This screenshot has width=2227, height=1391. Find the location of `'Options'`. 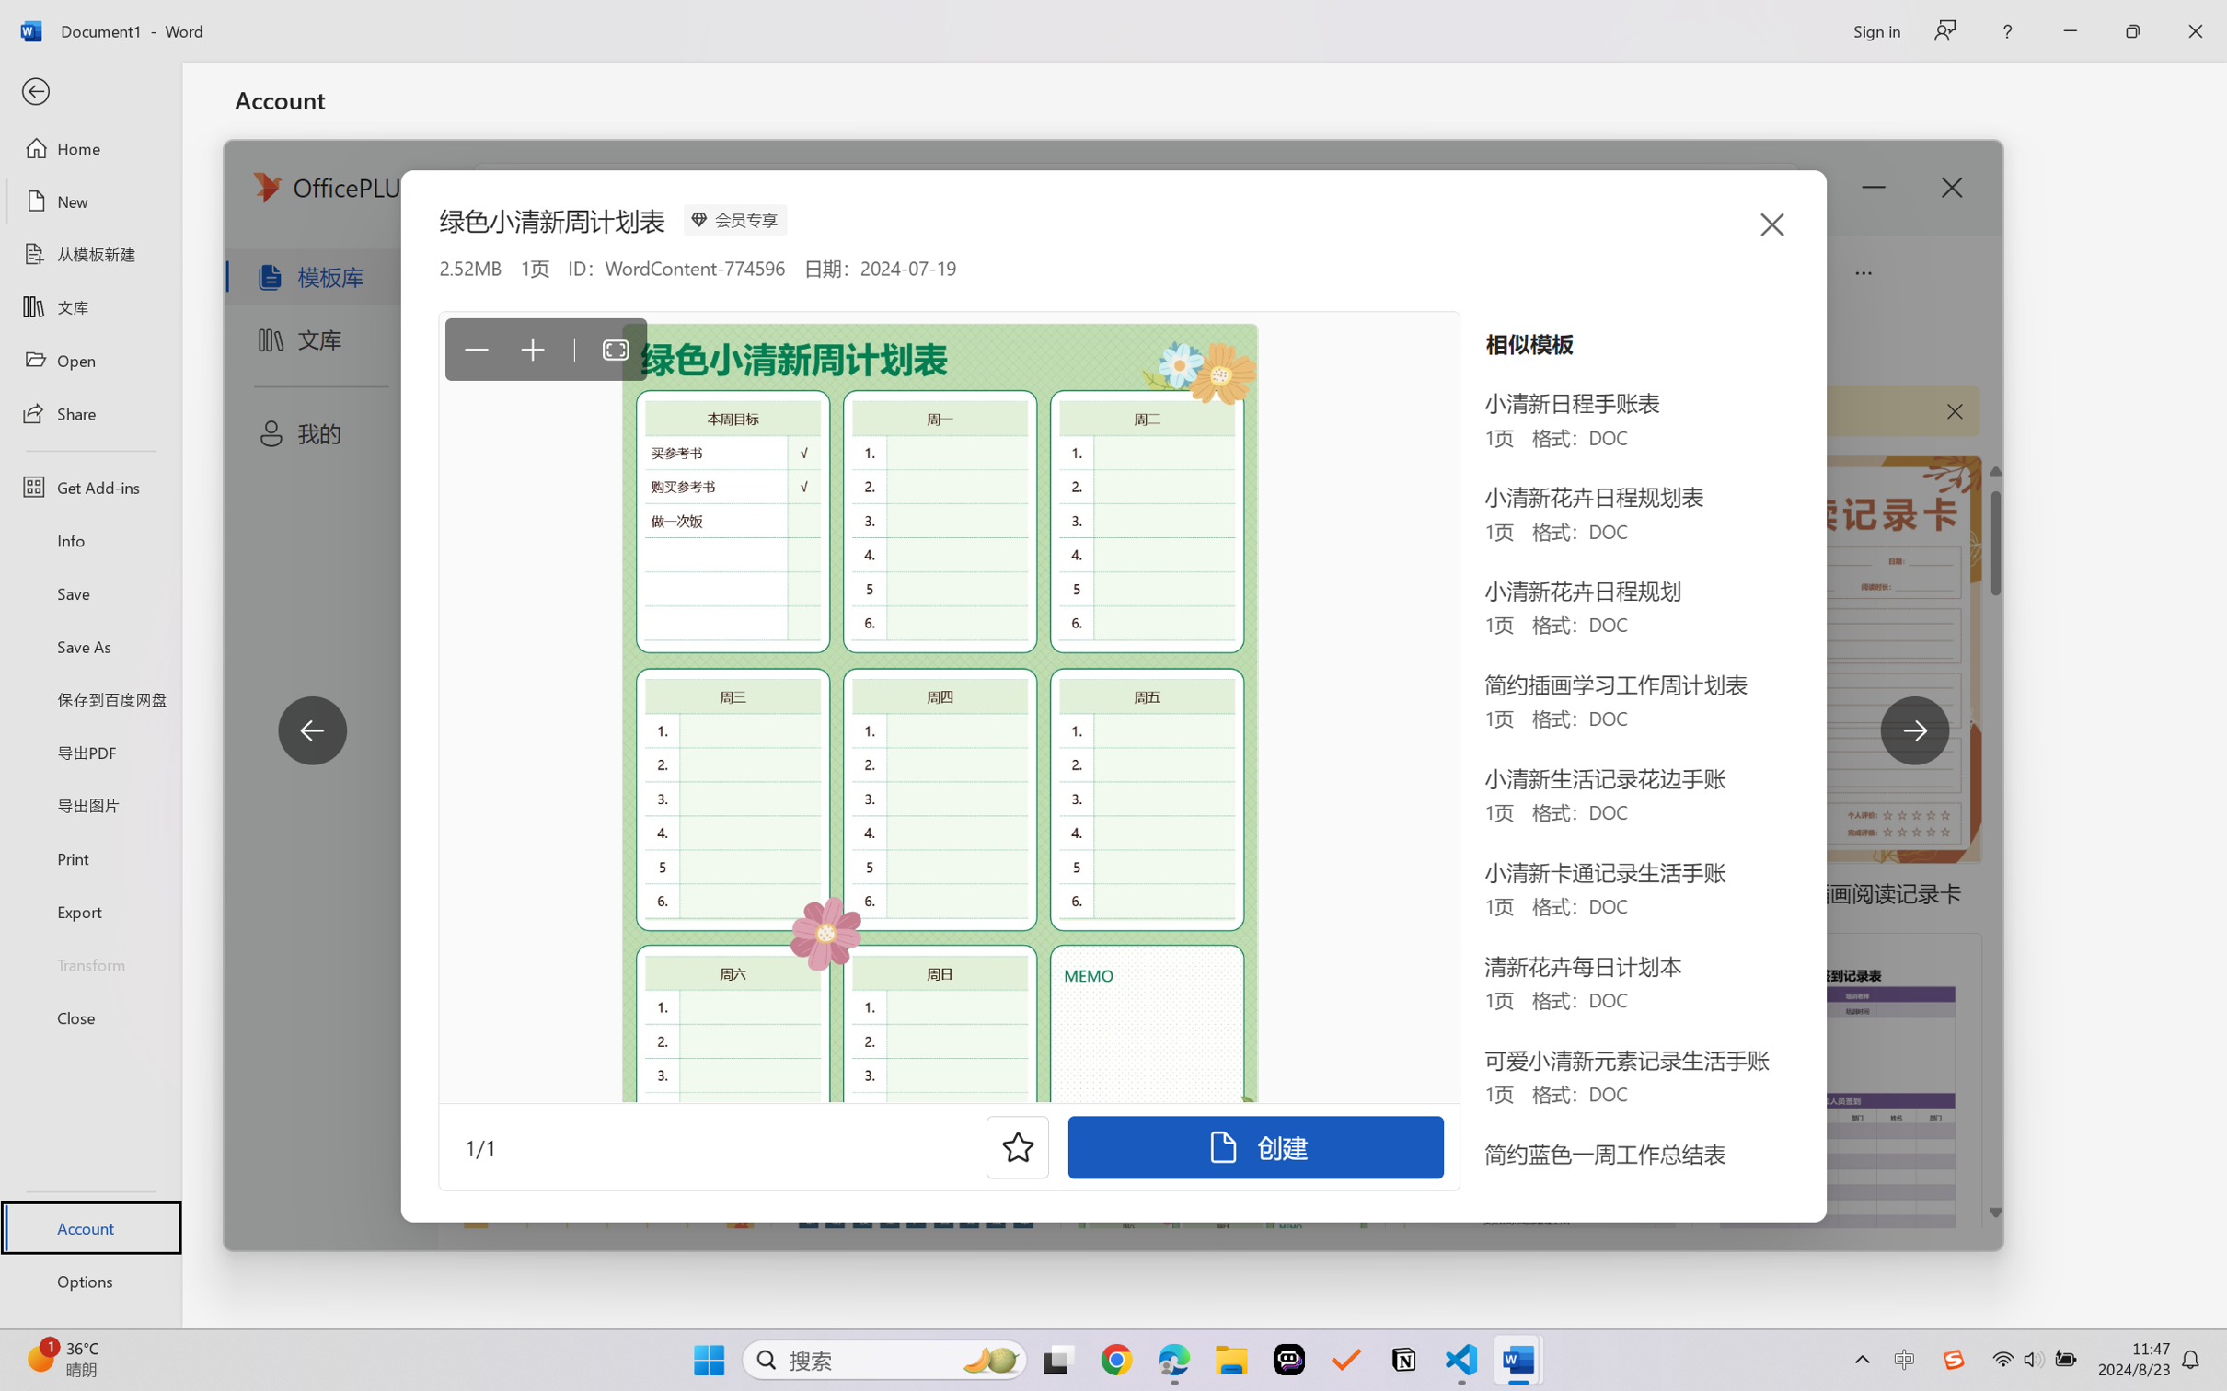

'Options' is located at coordinates (89, 1280).